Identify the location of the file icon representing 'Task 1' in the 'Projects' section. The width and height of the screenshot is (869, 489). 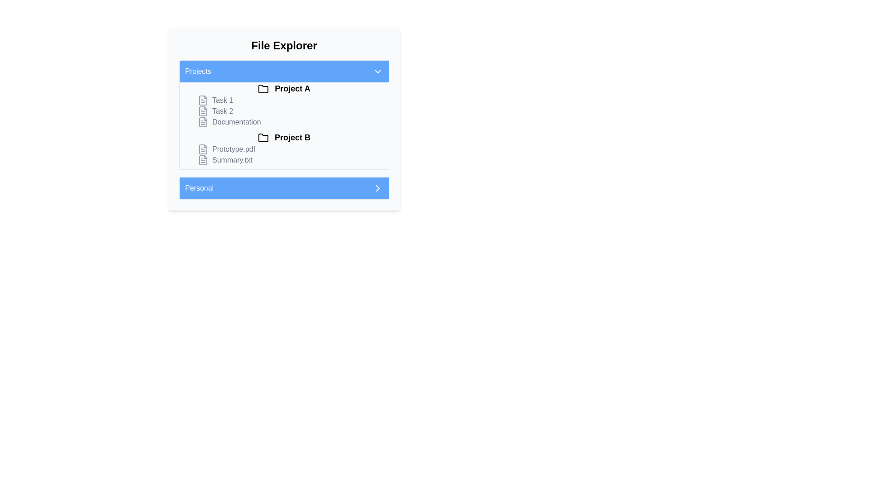
(203, 101).